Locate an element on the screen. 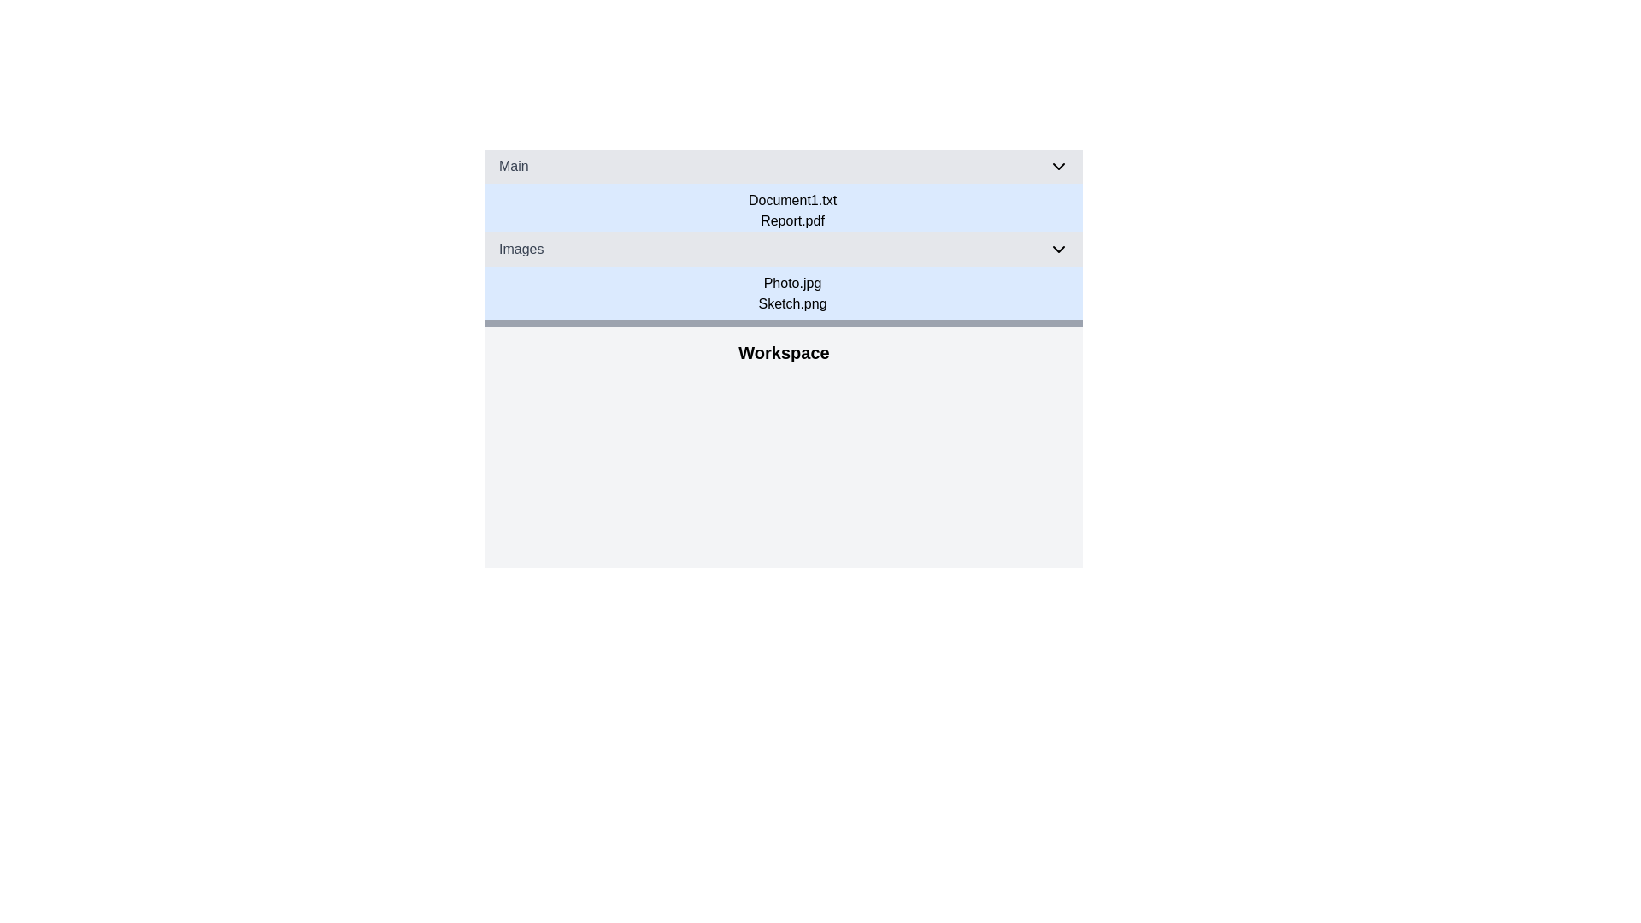  the textual display of filenames 'Photo.jpg' and 'Sketch.png' is located at coordinates (791, 292).